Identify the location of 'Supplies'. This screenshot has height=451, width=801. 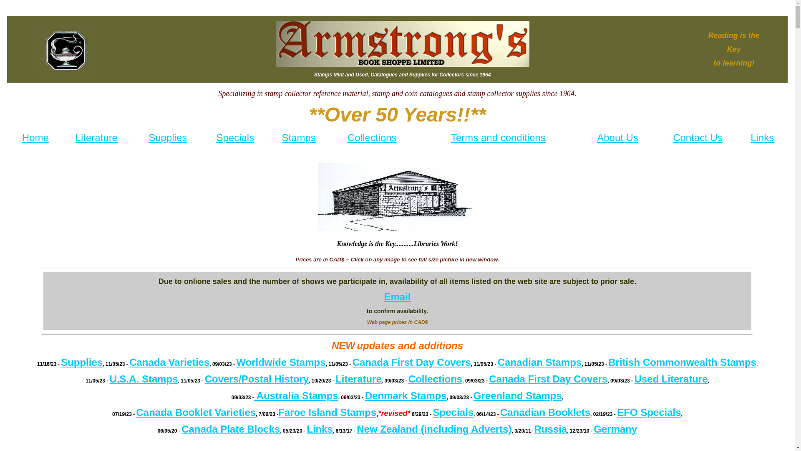
(82, 362).